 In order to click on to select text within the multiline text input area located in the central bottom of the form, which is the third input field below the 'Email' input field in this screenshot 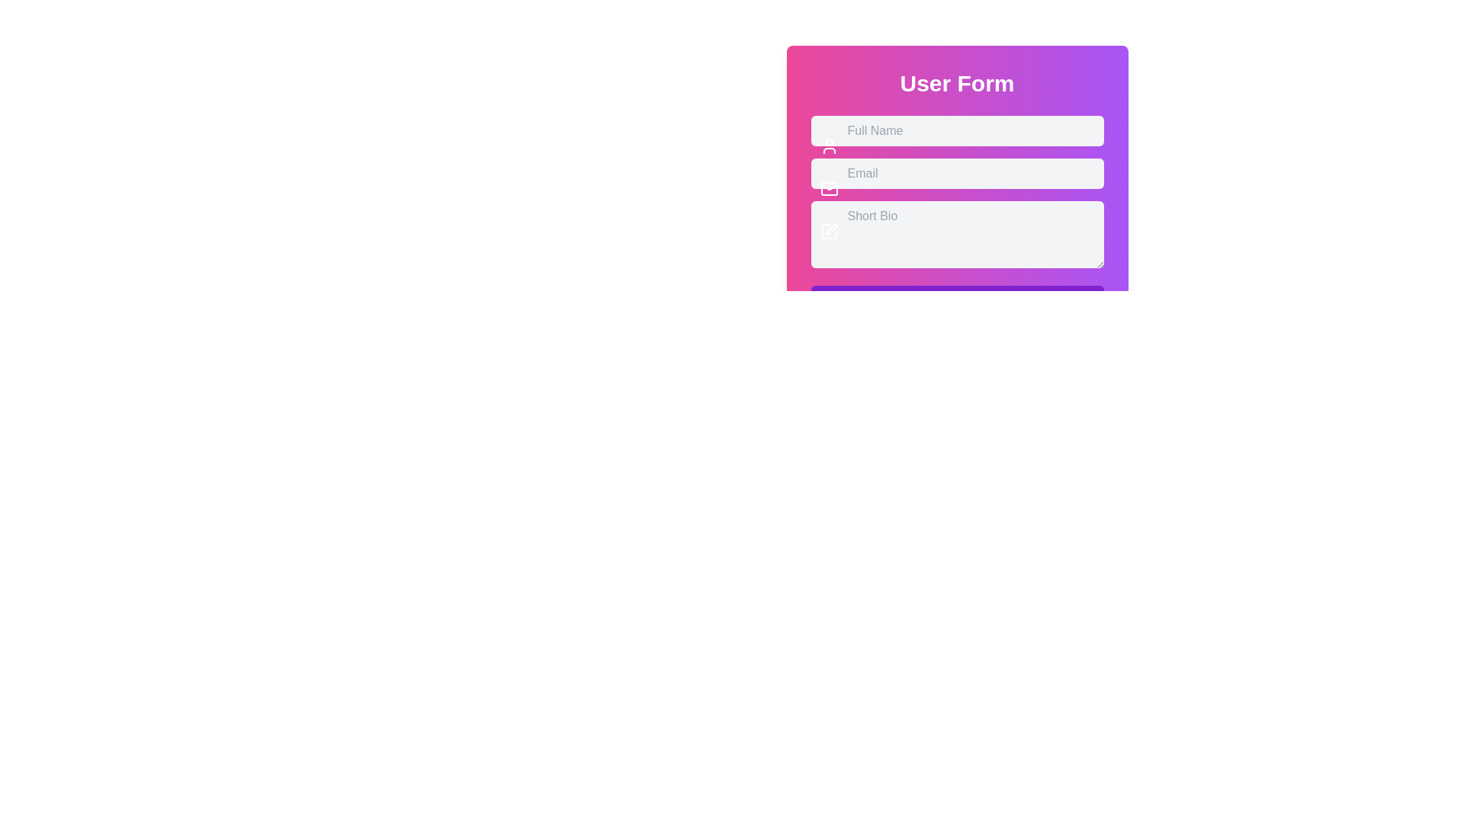, I will do `click(956, 219)`.